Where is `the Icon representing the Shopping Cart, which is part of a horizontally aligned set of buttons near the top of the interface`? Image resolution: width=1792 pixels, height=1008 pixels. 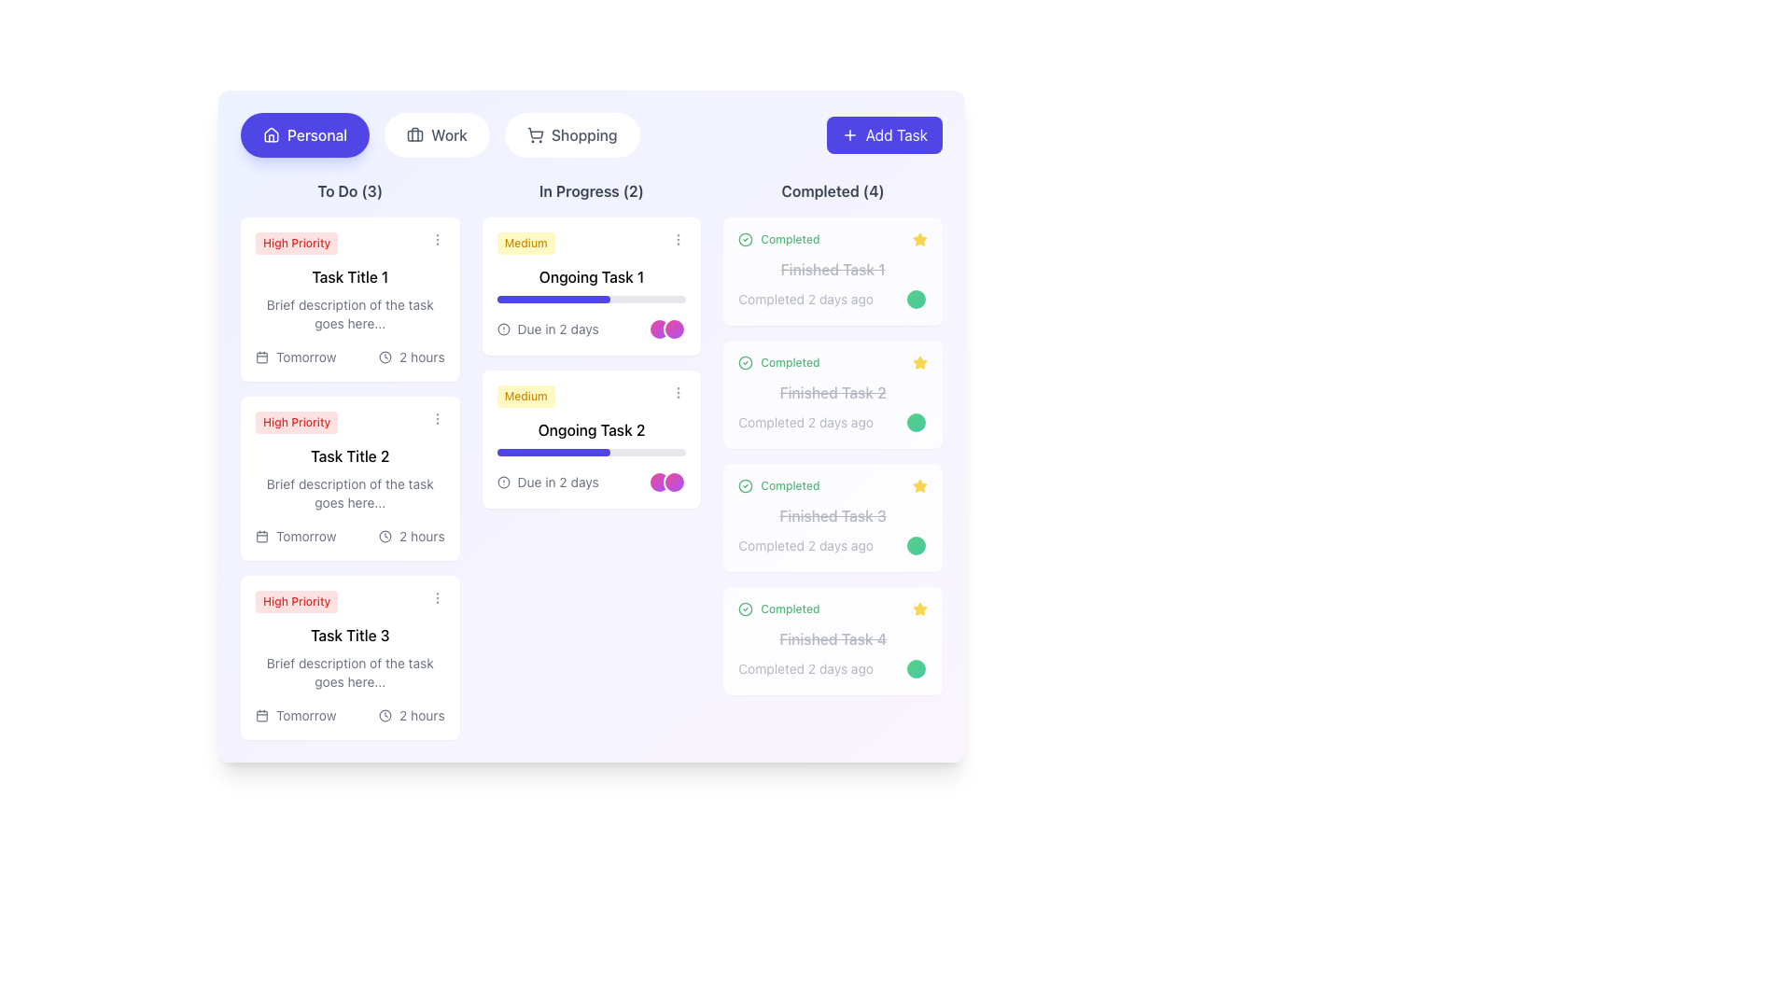
the Icon representing the Shopping Cart, which is part of a horizontally aligned set of buttons near the top of the interface is located at coordinates (534, 132).